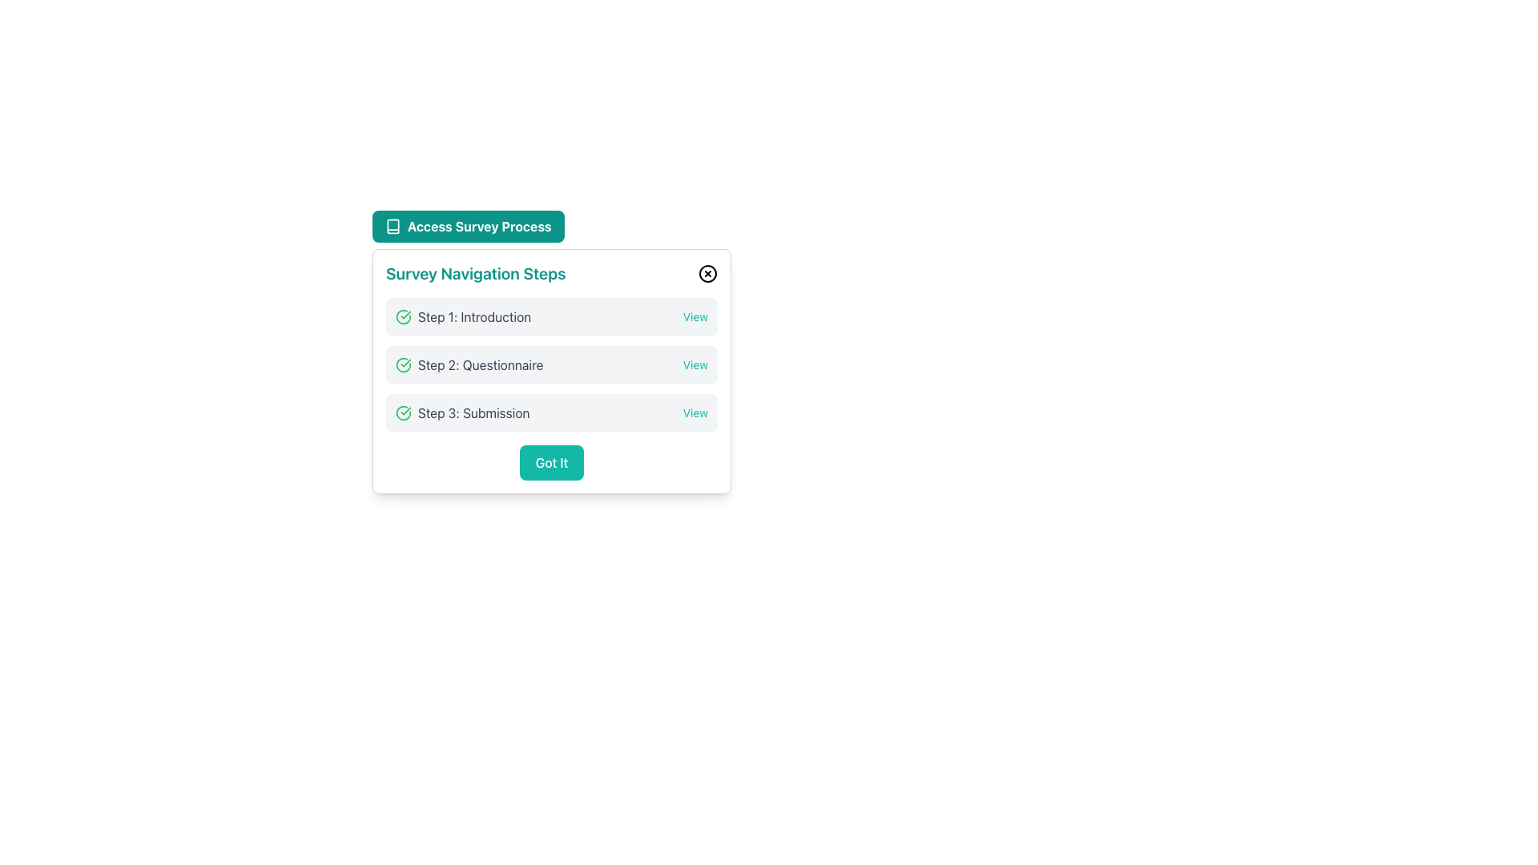 This screenshot has width=1538, height=865. I want to click on the button that serves as the entry point for accessing the survey process, located at the top of the 'Survey Navigation Steps' box, so click(467, 226).